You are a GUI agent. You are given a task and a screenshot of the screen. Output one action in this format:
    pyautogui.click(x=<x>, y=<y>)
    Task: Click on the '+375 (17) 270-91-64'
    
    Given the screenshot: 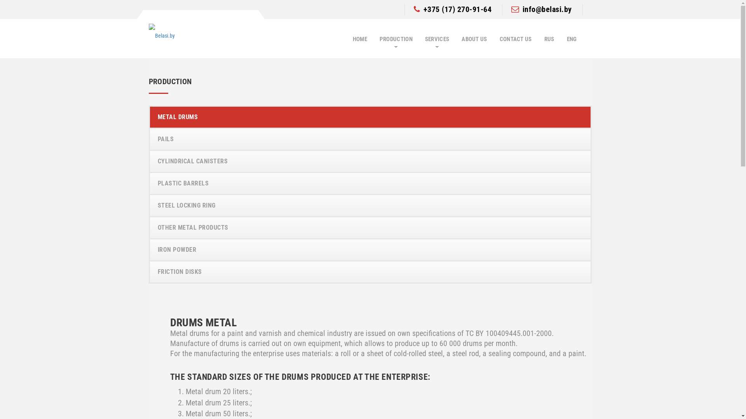 What is the action you would take?
    pyautogui.click(x=453, y=9)
    